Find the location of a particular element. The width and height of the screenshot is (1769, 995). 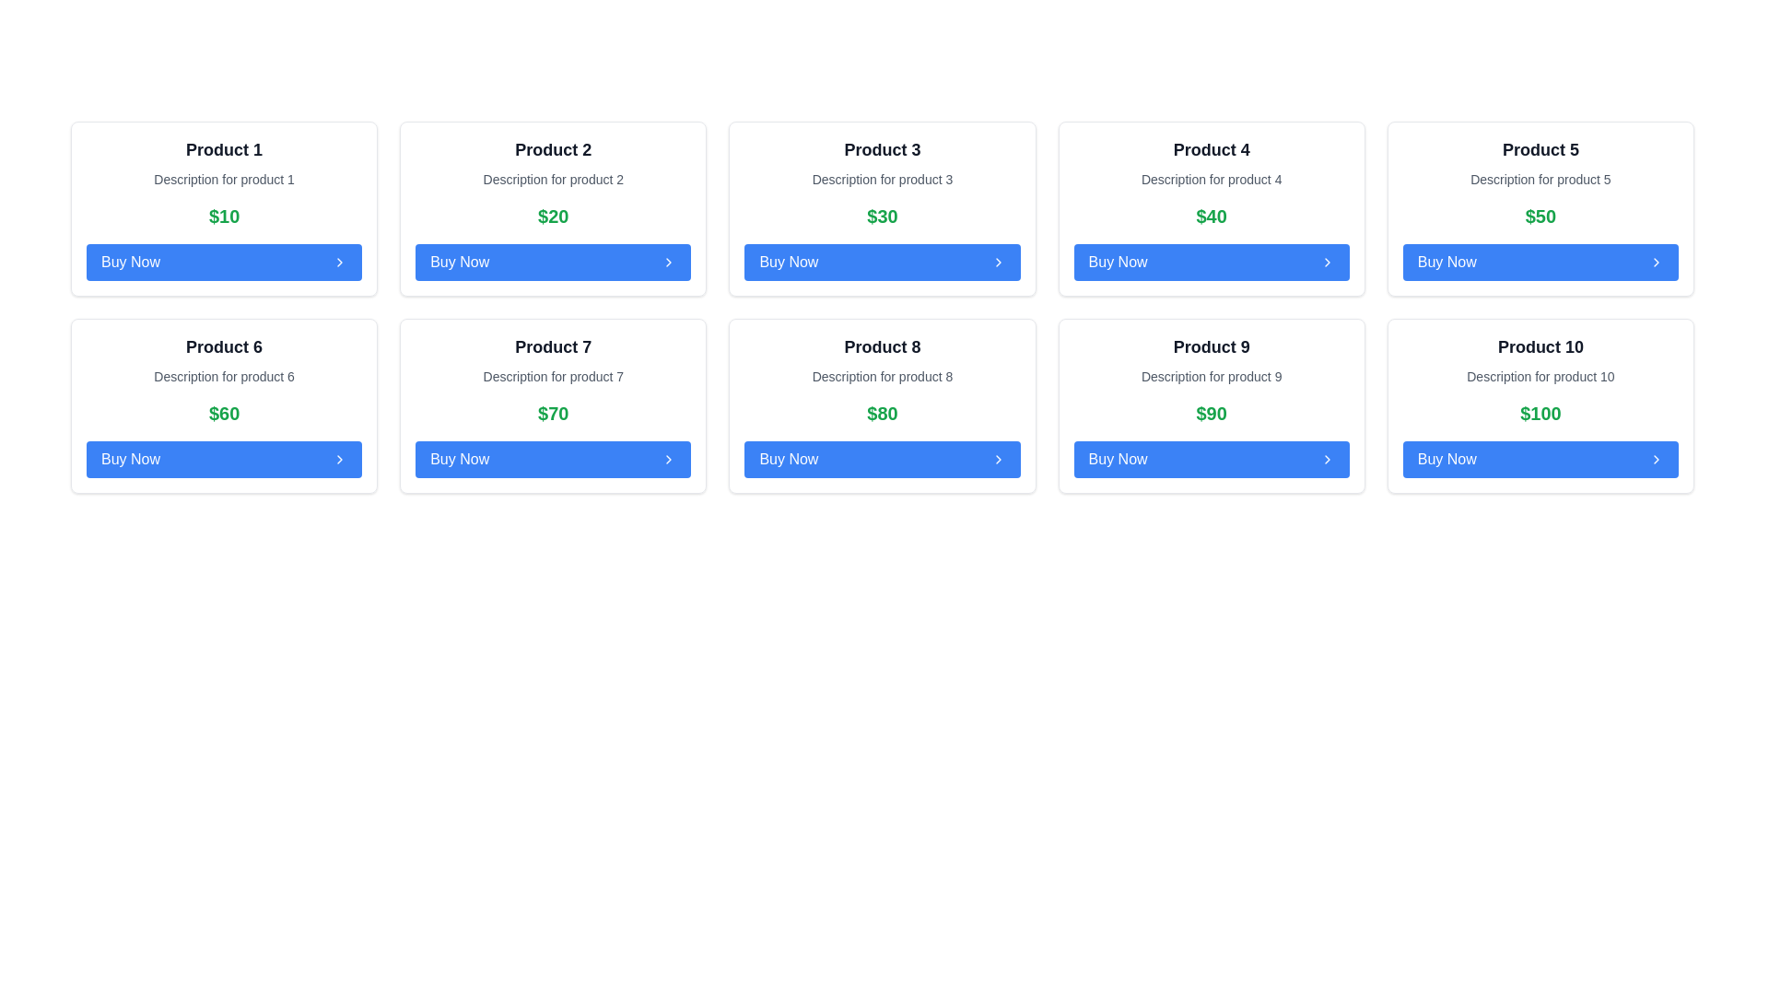

the rightward-chevron icon located at the bottom-right corner of the 'Buy Now' button for 'Product 10' is located at coordinates (1657, 458).